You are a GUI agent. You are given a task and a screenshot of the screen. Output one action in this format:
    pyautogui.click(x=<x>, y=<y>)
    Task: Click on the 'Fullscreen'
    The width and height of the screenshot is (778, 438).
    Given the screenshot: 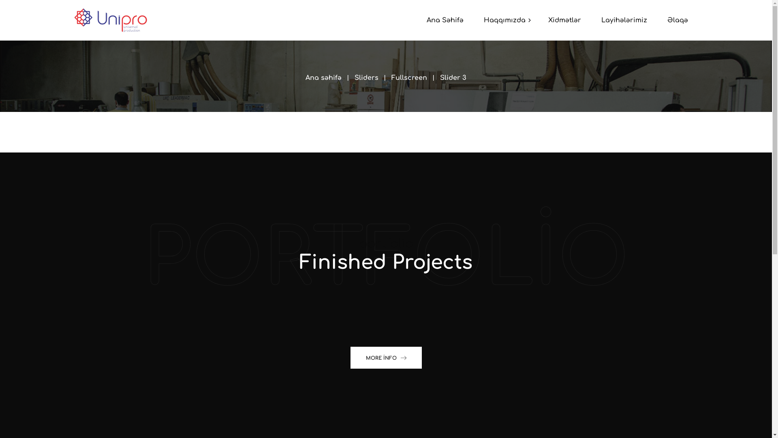 What is the action you would take?
    pyautogui.click(x=409, y=78)
    